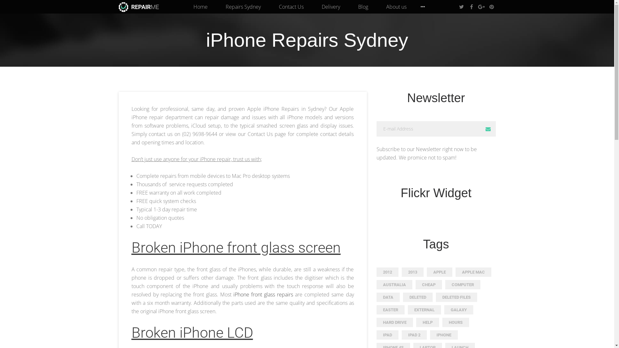 This screenshot has width=619, height=348. What do you see at coordinates (488, 129) in the screenshot?
I see `'Subscribe'` at bounding box center [488, 129].